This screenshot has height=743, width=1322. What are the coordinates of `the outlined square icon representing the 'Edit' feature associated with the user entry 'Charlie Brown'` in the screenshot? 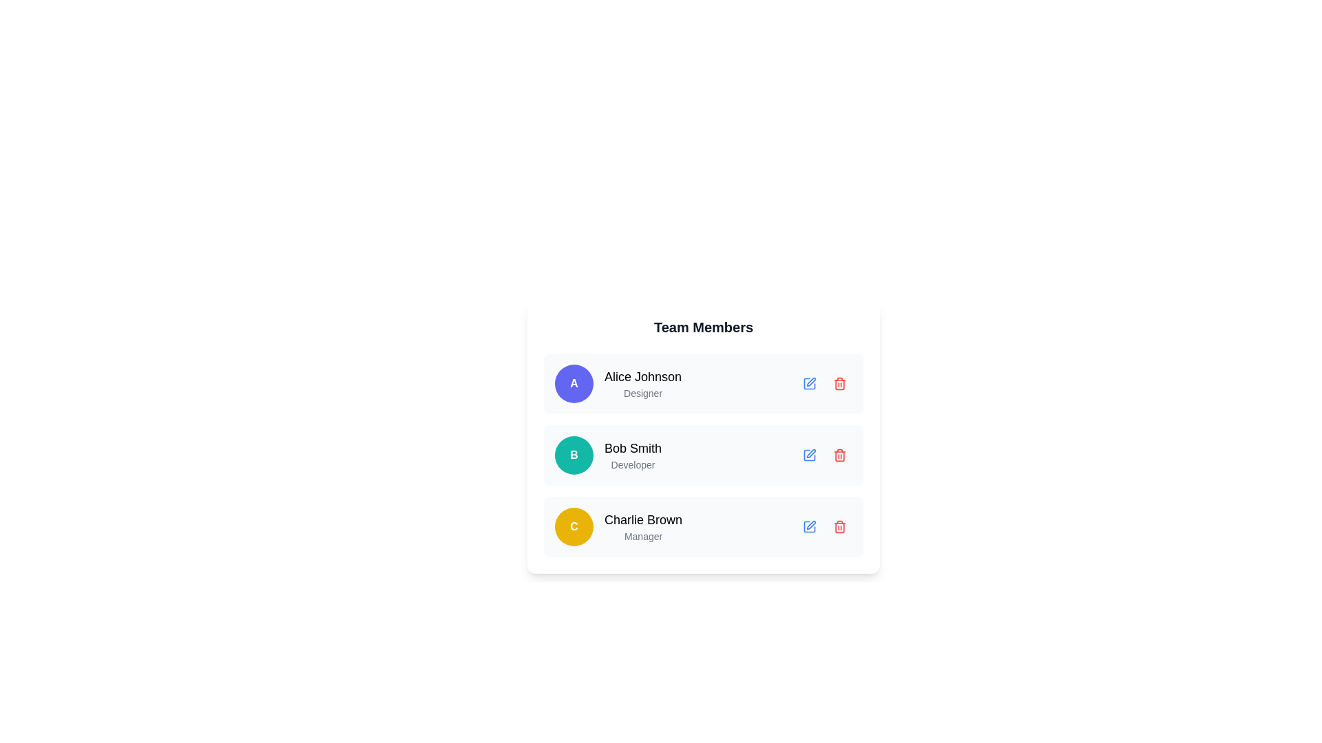 It's located at (810, 526).